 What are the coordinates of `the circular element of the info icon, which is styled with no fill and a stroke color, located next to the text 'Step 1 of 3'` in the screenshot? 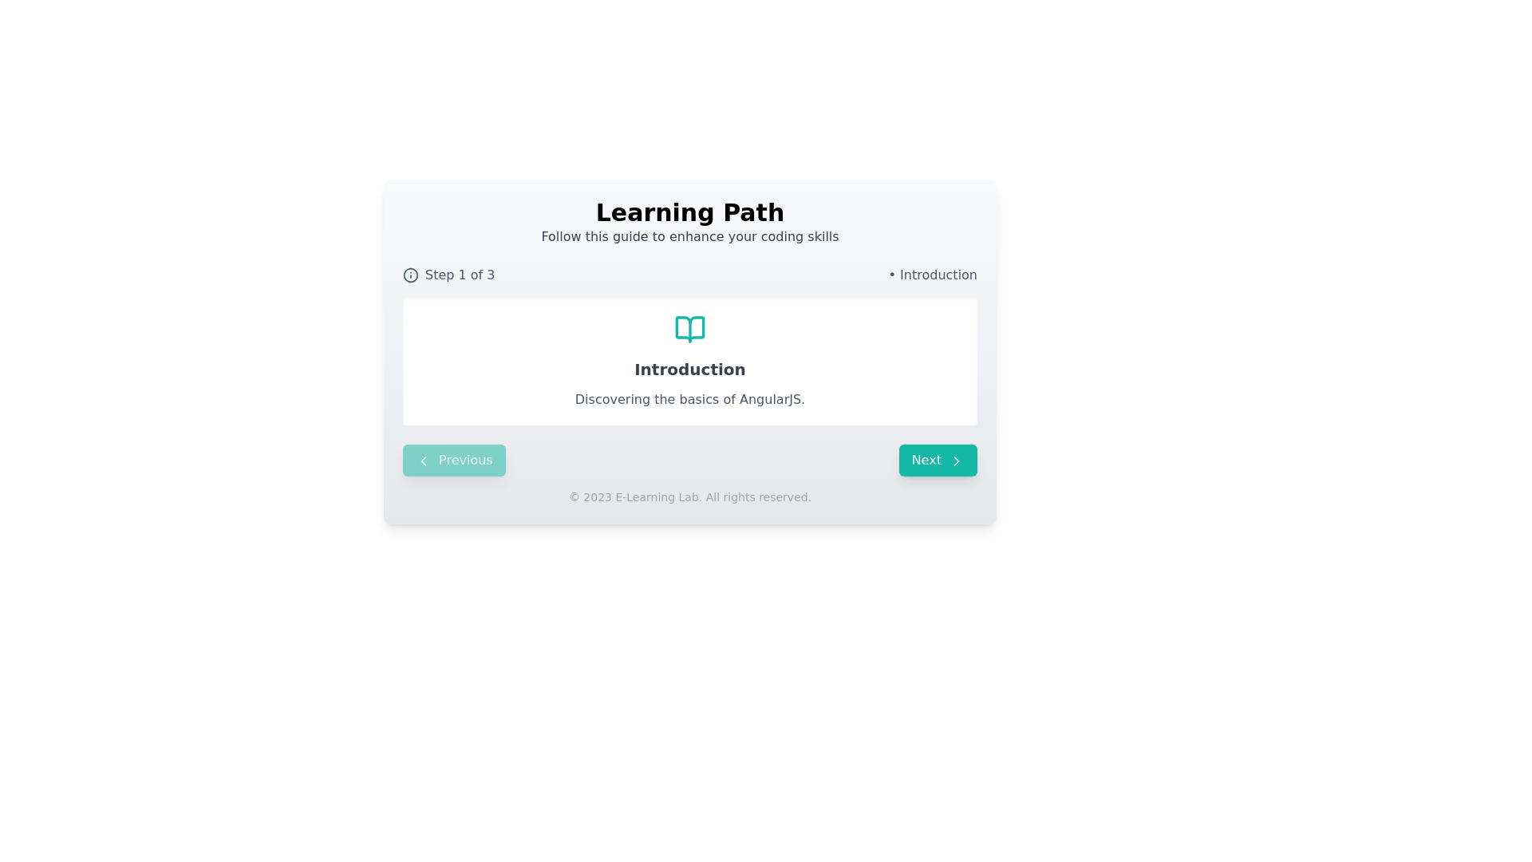 It's located at (410, 274).